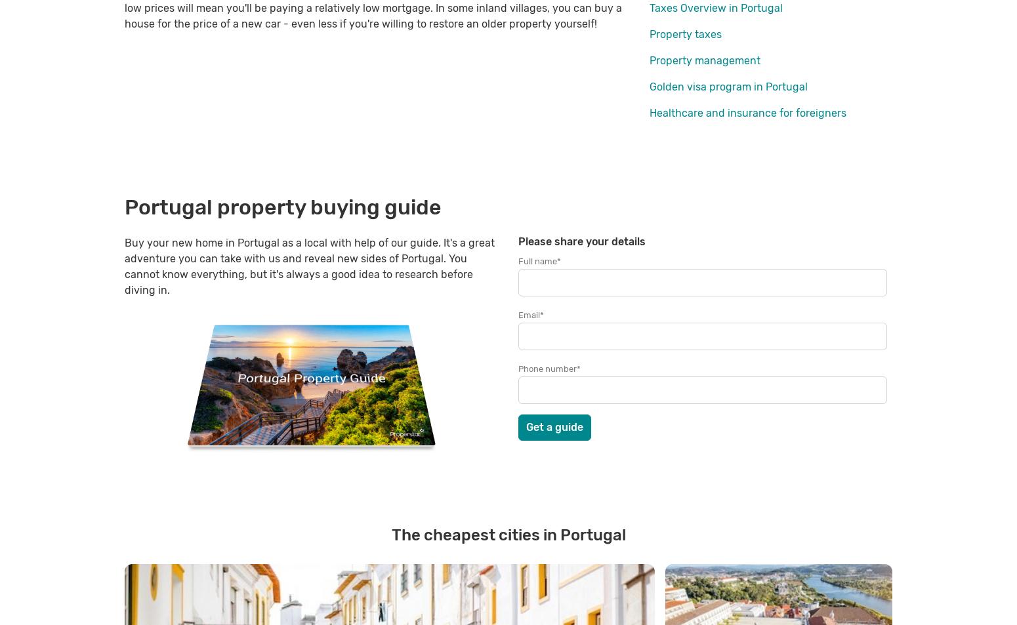 The image size is (1017, 625). I want to click on 'Property taxes', so click(686, 33).